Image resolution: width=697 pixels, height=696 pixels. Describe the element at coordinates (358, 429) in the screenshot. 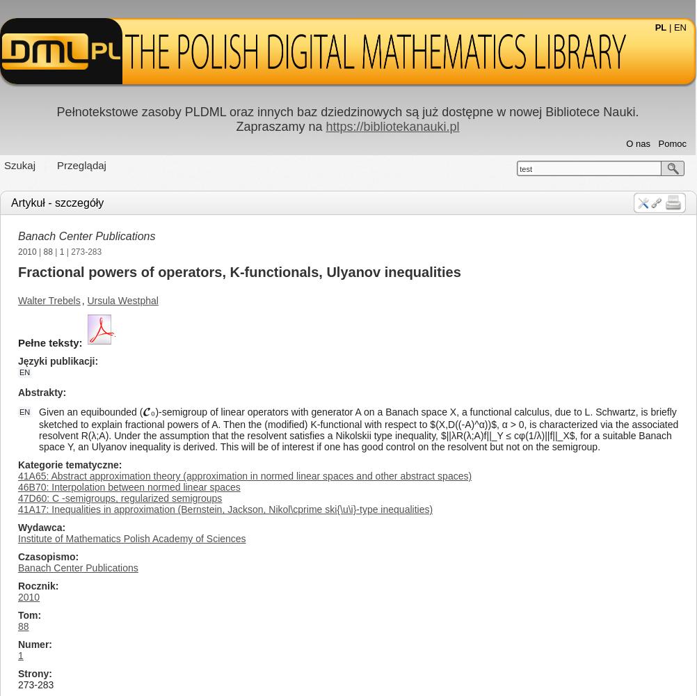

I see `'Given an equibounded (𝓒₀)-semigroup of linear operators with generator A on a Banach space X, a functional calculus, due to L. Schwartz, is briefly sketched to explain fractional powers of A. Then the (modified) K-functional with respect to $(X,D((-A)^α))$, α > 0, is characterized via the associated resolvent R(λ;A). Under the assumption that the resolvent satisfies a Nikolskii type inequality, $||λR(λ;A)f||_Y ≤ cφ(1/λ)||f||_X$, for a suitable Banach space Y, an Ulyanov inequality is derived. This will be of interest if one has good control on the resolvent but not on the semigroup.'` at that location.